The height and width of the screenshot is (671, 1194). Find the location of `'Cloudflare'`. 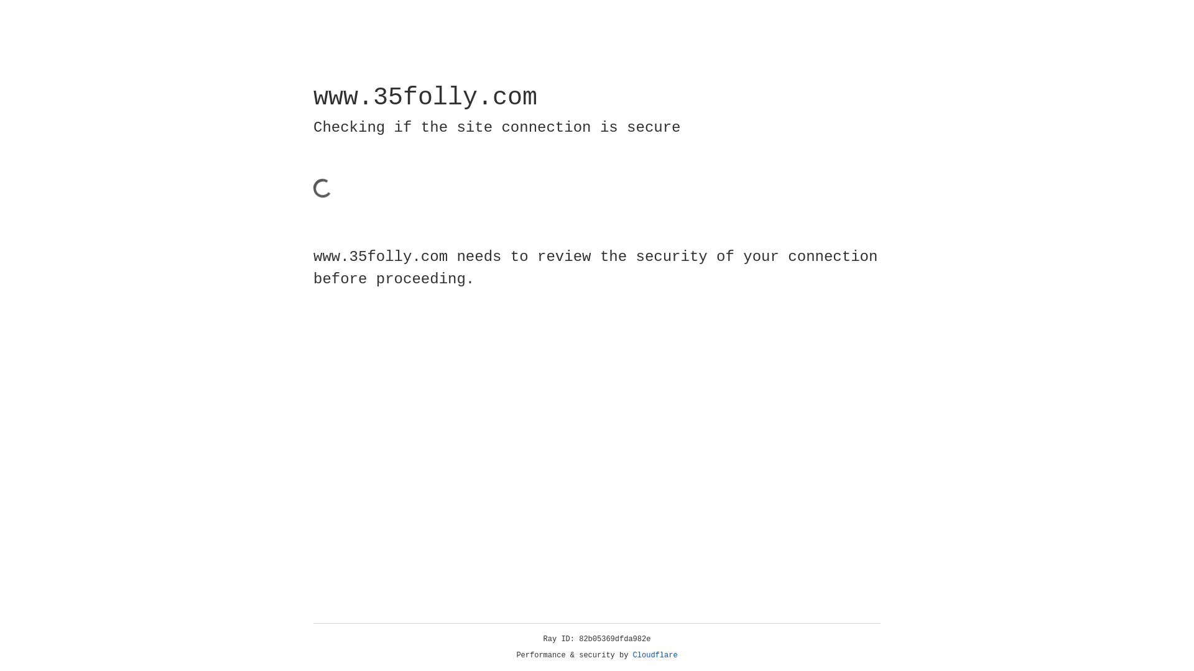

'Cloudflare' is located at coordinates (655, 655).